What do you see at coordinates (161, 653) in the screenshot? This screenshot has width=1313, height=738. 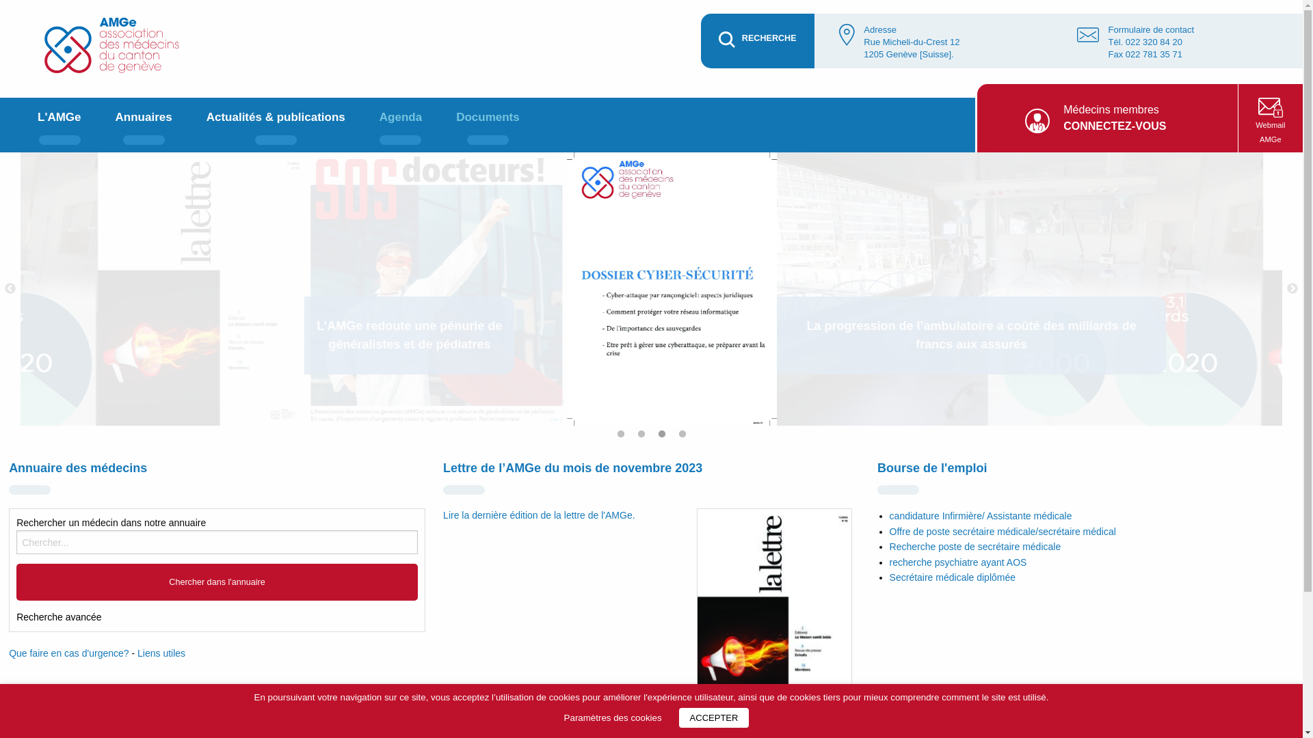 I see `'Liens utiles'` at bounding box center [161, 653].